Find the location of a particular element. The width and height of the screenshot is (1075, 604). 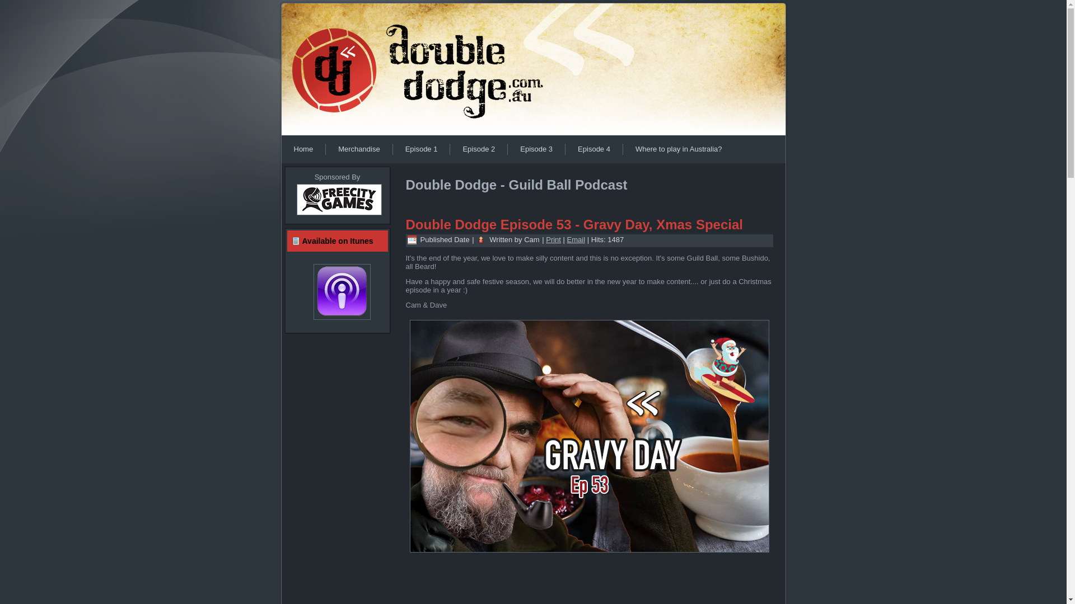

'Where to play in Australia?' is located at coordinates (678, 148).